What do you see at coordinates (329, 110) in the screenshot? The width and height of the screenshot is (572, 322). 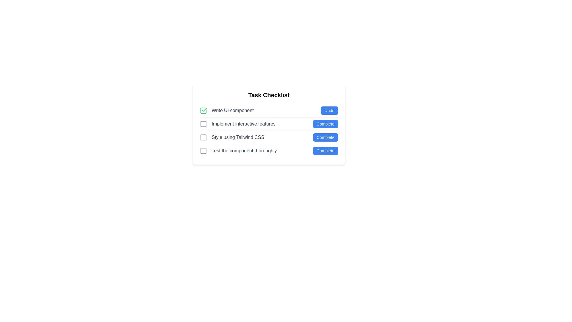 I see `the small rectangular blue button labeled 'Undo' with white text, located to the far right of the first row in the checklist adjacent to the strikethrough text 'Write UI component'` at bounding box center [329, 110].